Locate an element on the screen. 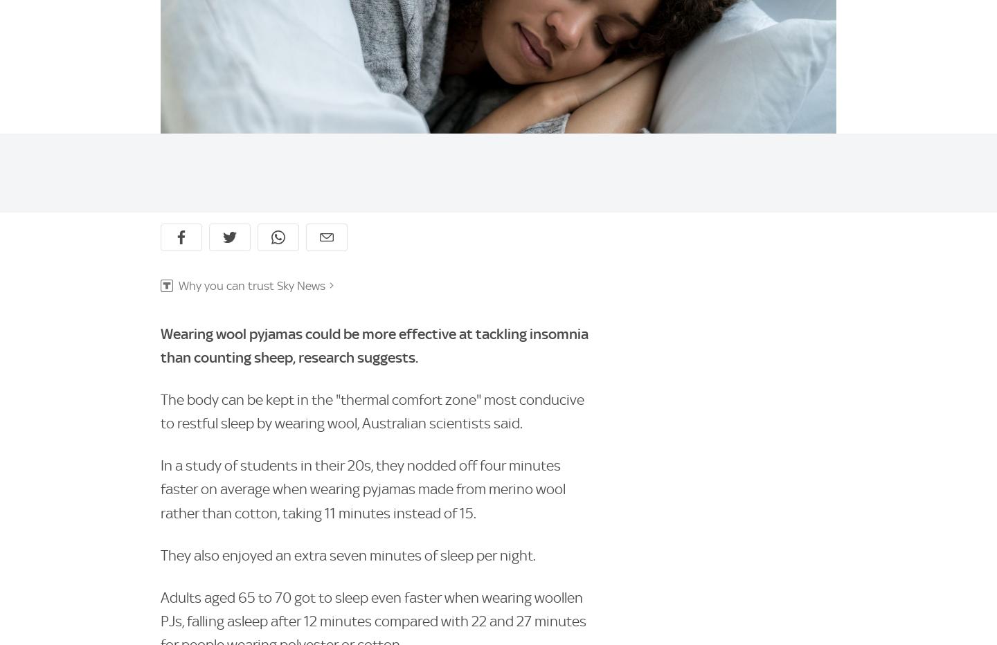 The image size is (997, 645). 'Editorial Guidelines' is located at coordinates (161, 464).